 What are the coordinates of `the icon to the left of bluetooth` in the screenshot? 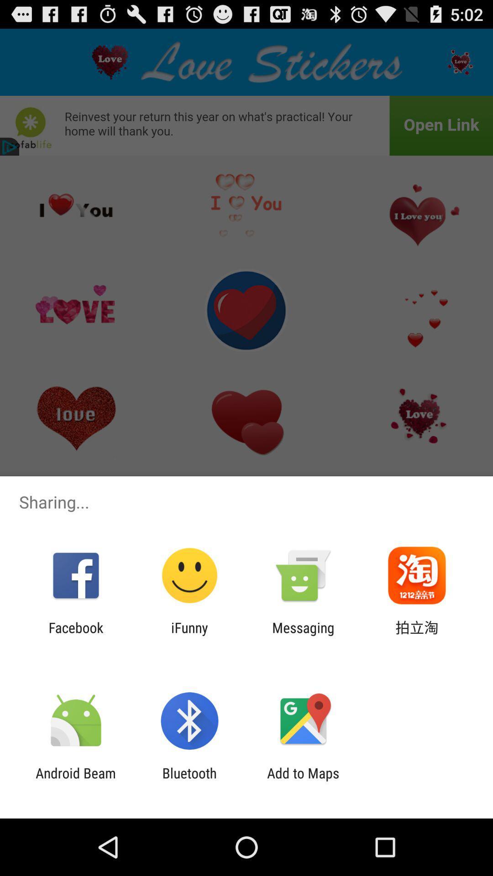 It's located at (75, 781).